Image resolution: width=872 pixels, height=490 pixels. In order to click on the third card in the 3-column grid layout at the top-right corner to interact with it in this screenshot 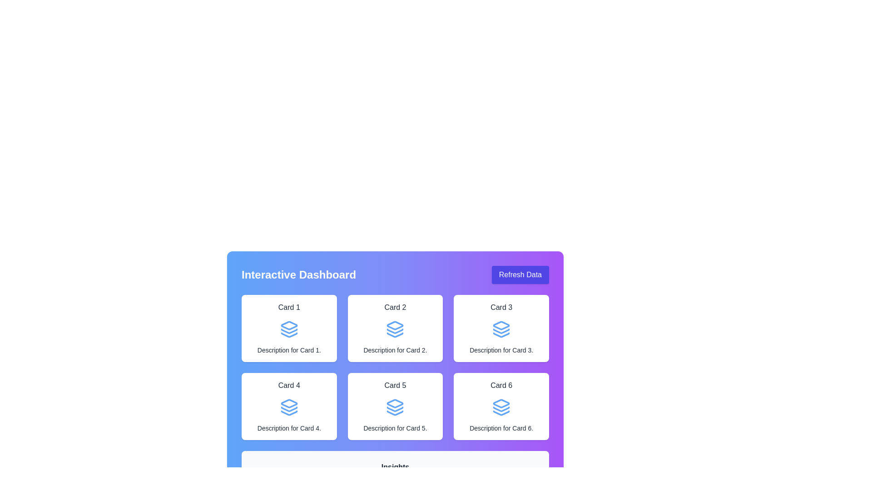, I will do `click(501, 328)`.